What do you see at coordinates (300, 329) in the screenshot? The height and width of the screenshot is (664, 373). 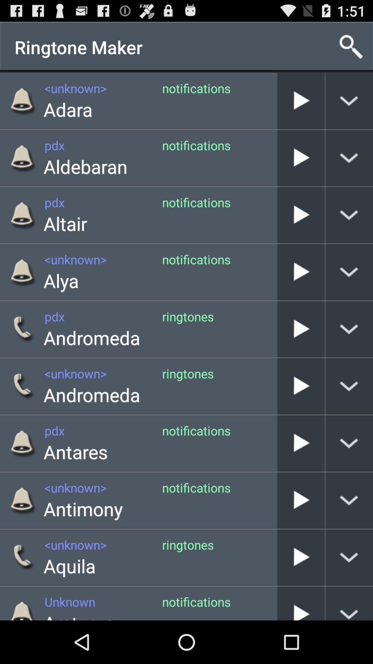 I see `andromeda ringtones` at bounding box center [300, 329].